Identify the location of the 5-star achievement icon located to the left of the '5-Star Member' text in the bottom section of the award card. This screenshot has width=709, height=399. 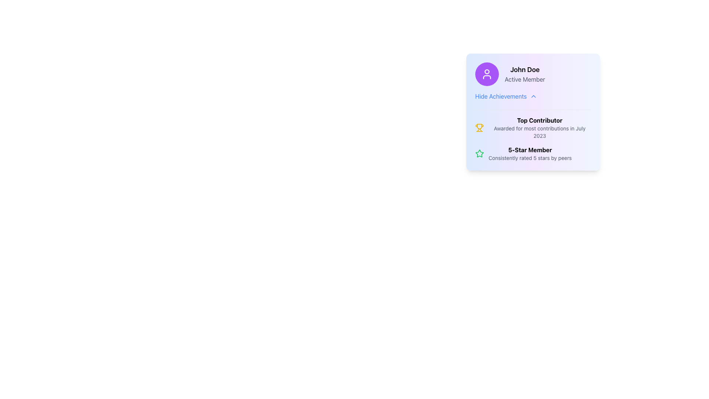
(480, 153).